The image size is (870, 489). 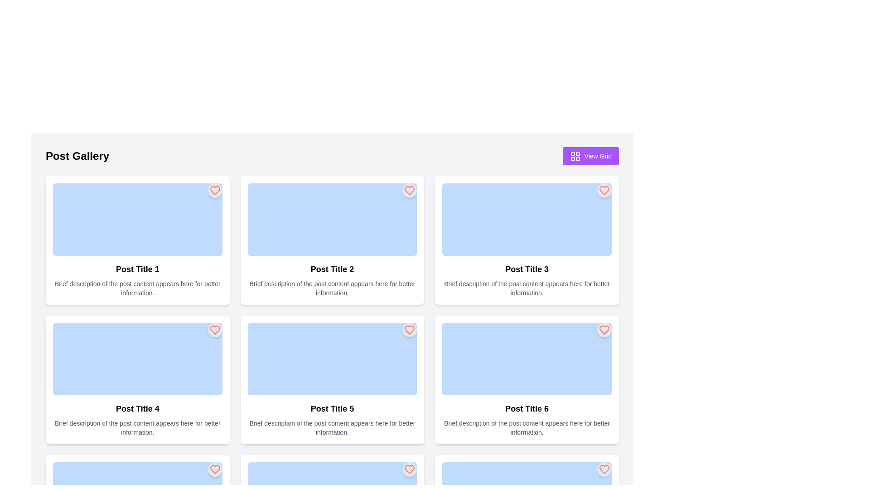 I want to click on the heart-shaped icon outlined in red located in the top-right corner of the card containing 'Post Title 3' to like or unlike the item, so click(x=604, y=190).